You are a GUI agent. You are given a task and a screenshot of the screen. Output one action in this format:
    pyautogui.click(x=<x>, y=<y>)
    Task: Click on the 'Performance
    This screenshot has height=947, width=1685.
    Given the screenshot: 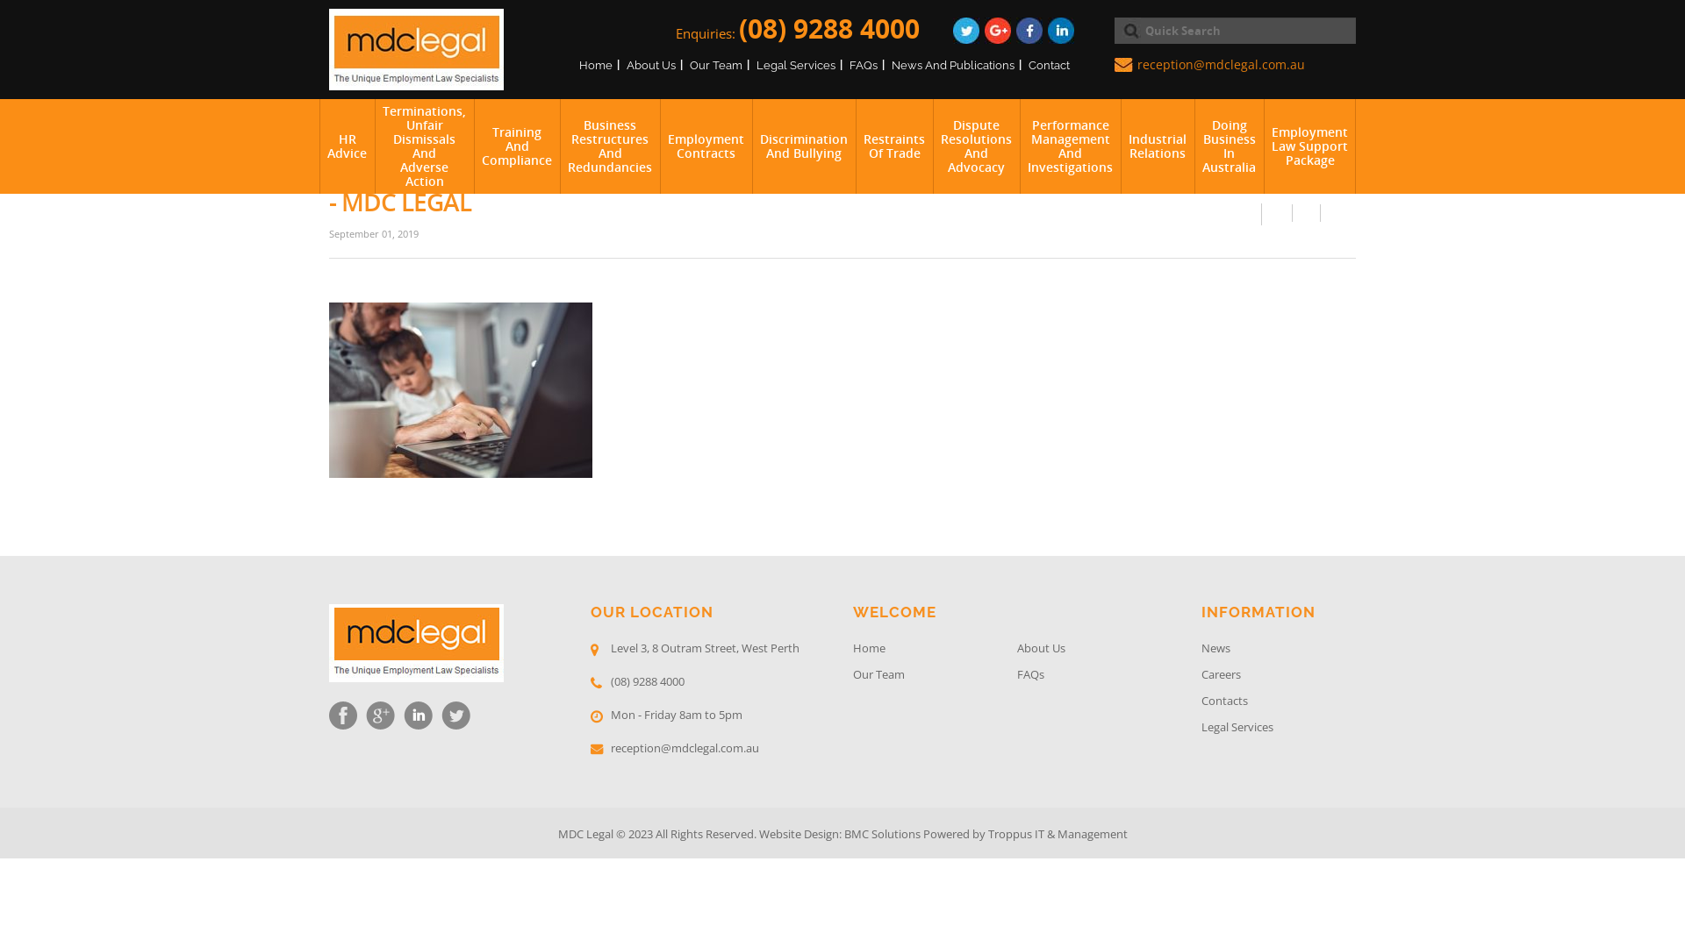 What is the action you would take?
    pyautogui.click(x=1069, y=145)
    